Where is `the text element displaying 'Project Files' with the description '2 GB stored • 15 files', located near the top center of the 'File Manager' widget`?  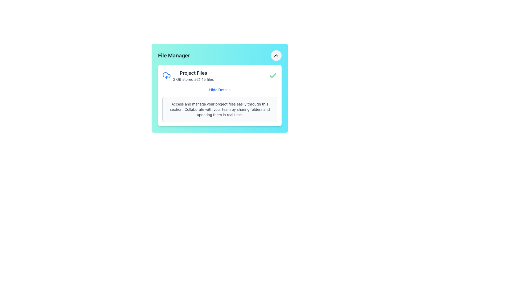 the text element displaying 'Project Files' with the description '2 GB stored • 15 files', located near the top center of the 'File Manager' widget is located at coordinates (193, 76).